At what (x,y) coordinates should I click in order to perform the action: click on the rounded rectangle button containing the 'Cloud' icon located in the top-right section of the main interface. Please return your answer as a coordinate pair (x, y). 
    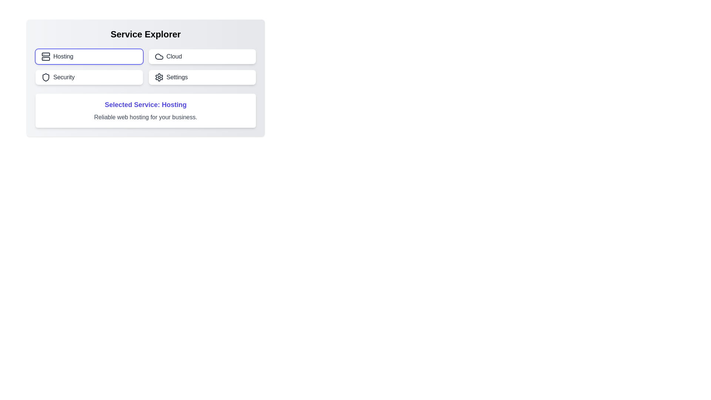
    Looking at the image, I should click on (158, 56).